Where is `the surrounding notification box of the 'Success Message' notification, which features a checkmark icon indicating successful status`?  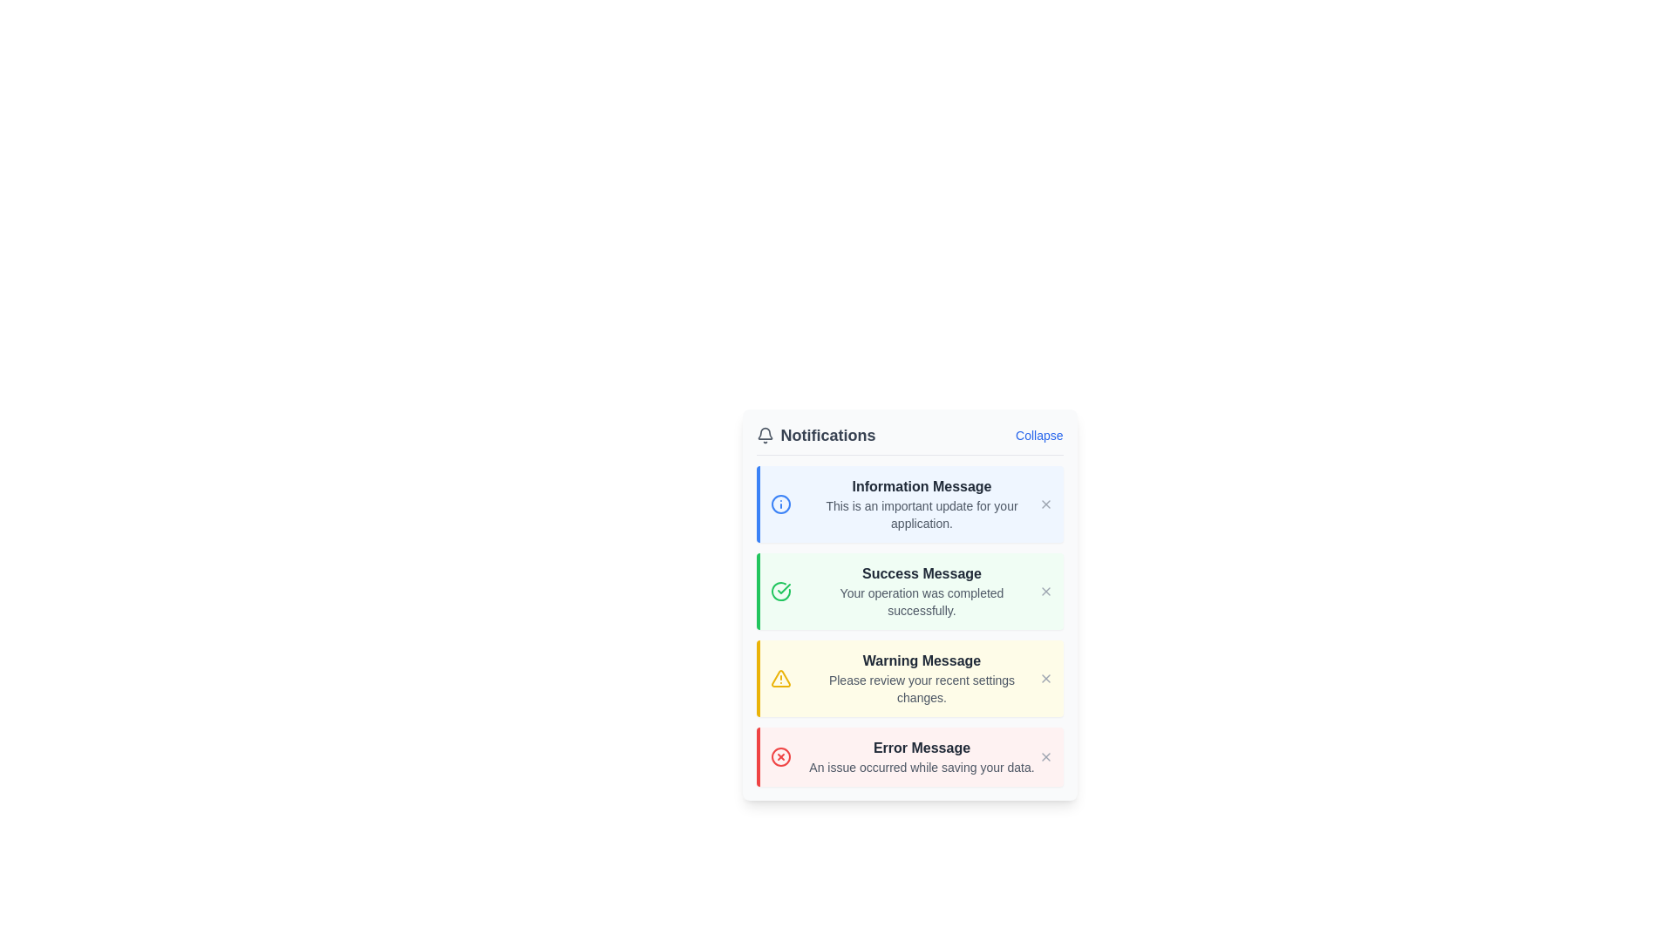 the surrounding notification box of the 'Success Message' notification, which features a checkmark icon indicating successful status is located at coordinates (779, 590).